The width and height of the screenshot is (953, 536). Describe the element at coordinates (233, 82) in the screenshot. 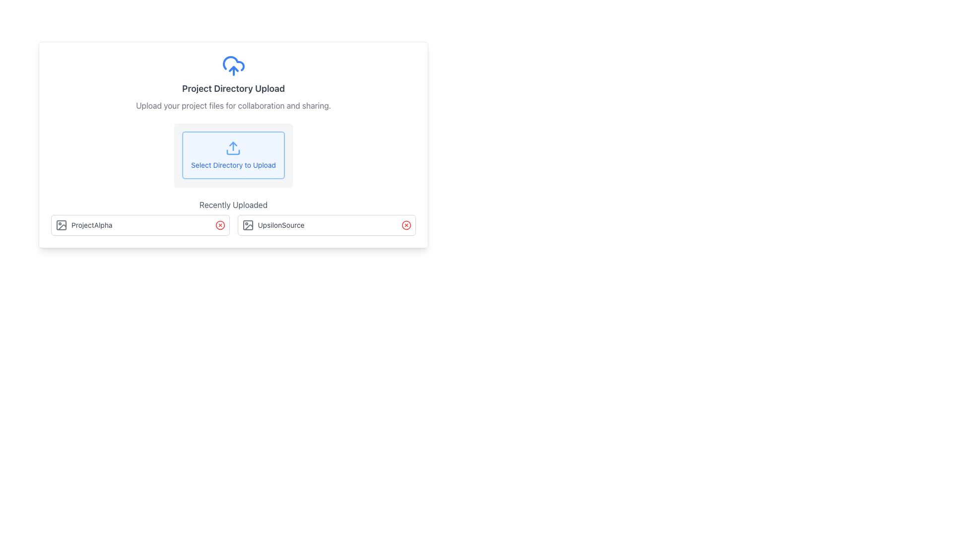

I see `the Informational Block that describes the purpose of the interface and provides instructions for uploading project files, which is located above the 'Select Directory to Upload' button` at that location.